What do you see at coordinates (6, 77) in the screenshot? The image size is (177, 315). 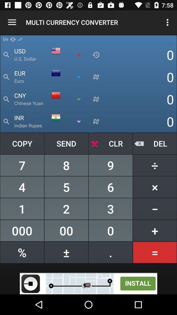 I see `the search icon` at bounding box center [6, 77].